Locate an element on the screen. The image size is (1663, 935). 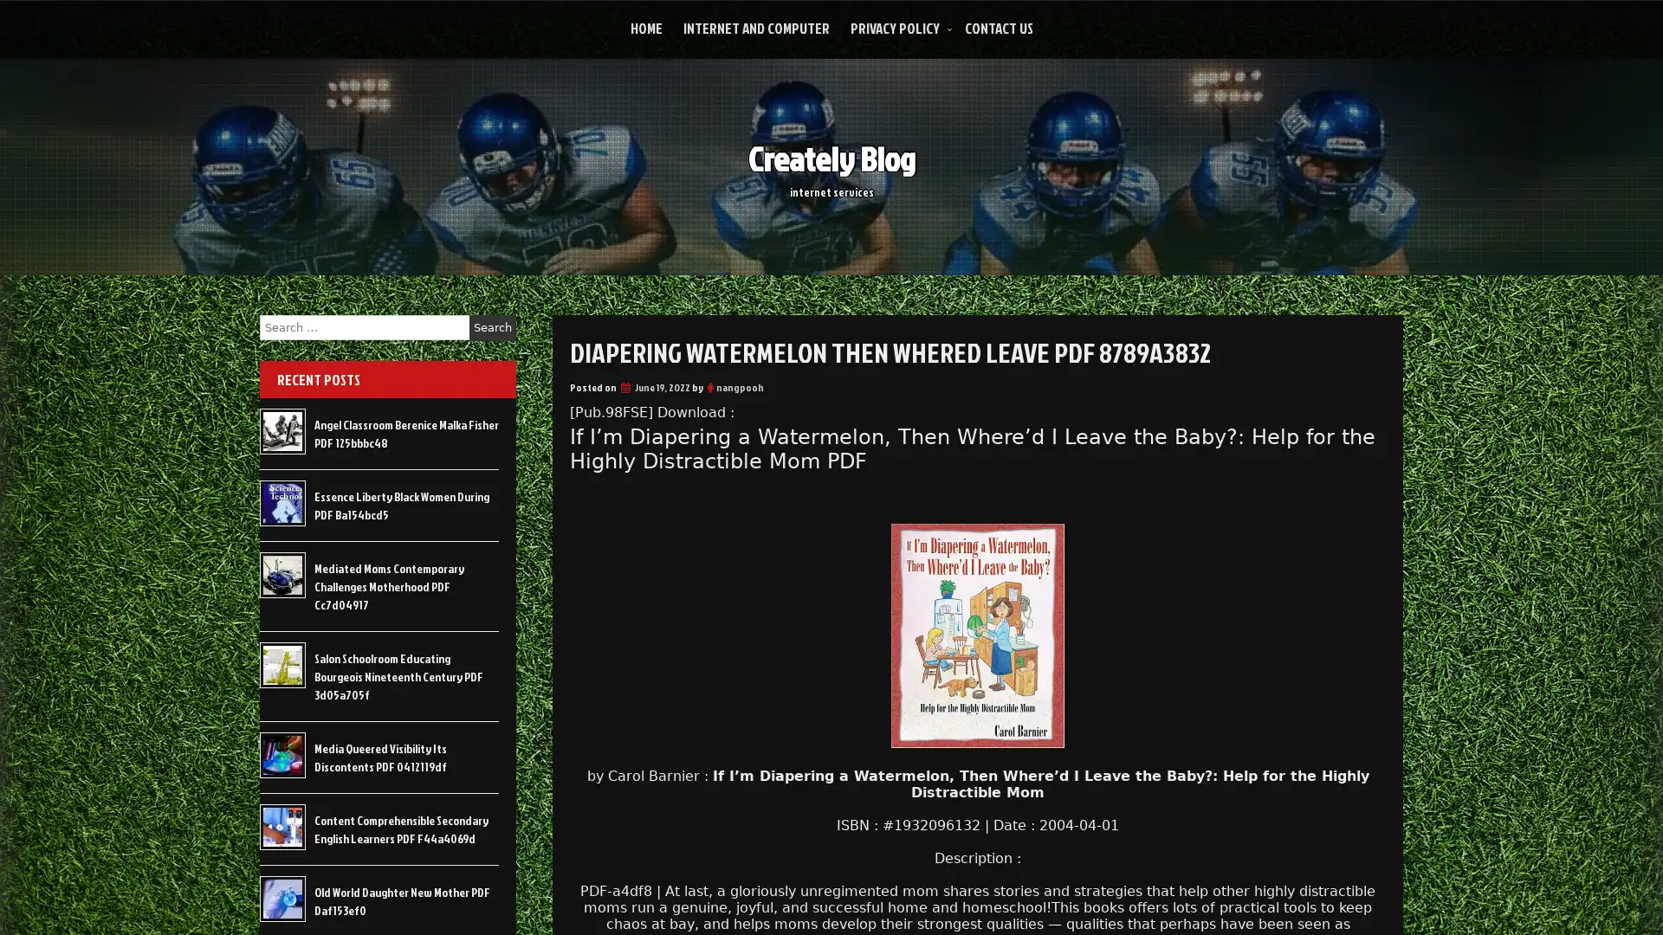
Search is located at coordinates (492, 327).